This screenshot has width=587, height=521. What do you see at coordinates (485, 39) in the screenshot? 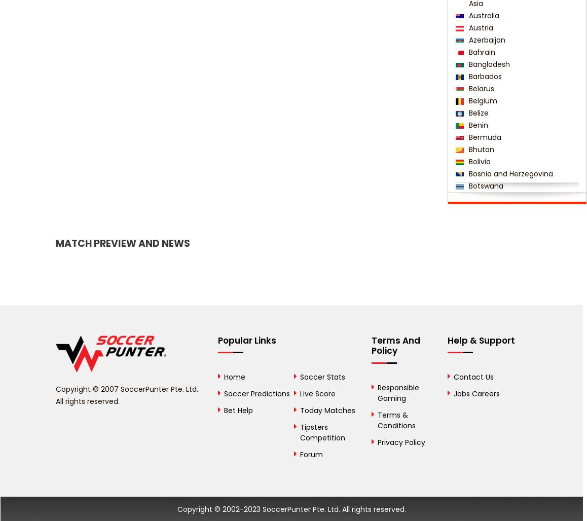
I see `'Azerbaijan'` at bounding box center [485, 39].